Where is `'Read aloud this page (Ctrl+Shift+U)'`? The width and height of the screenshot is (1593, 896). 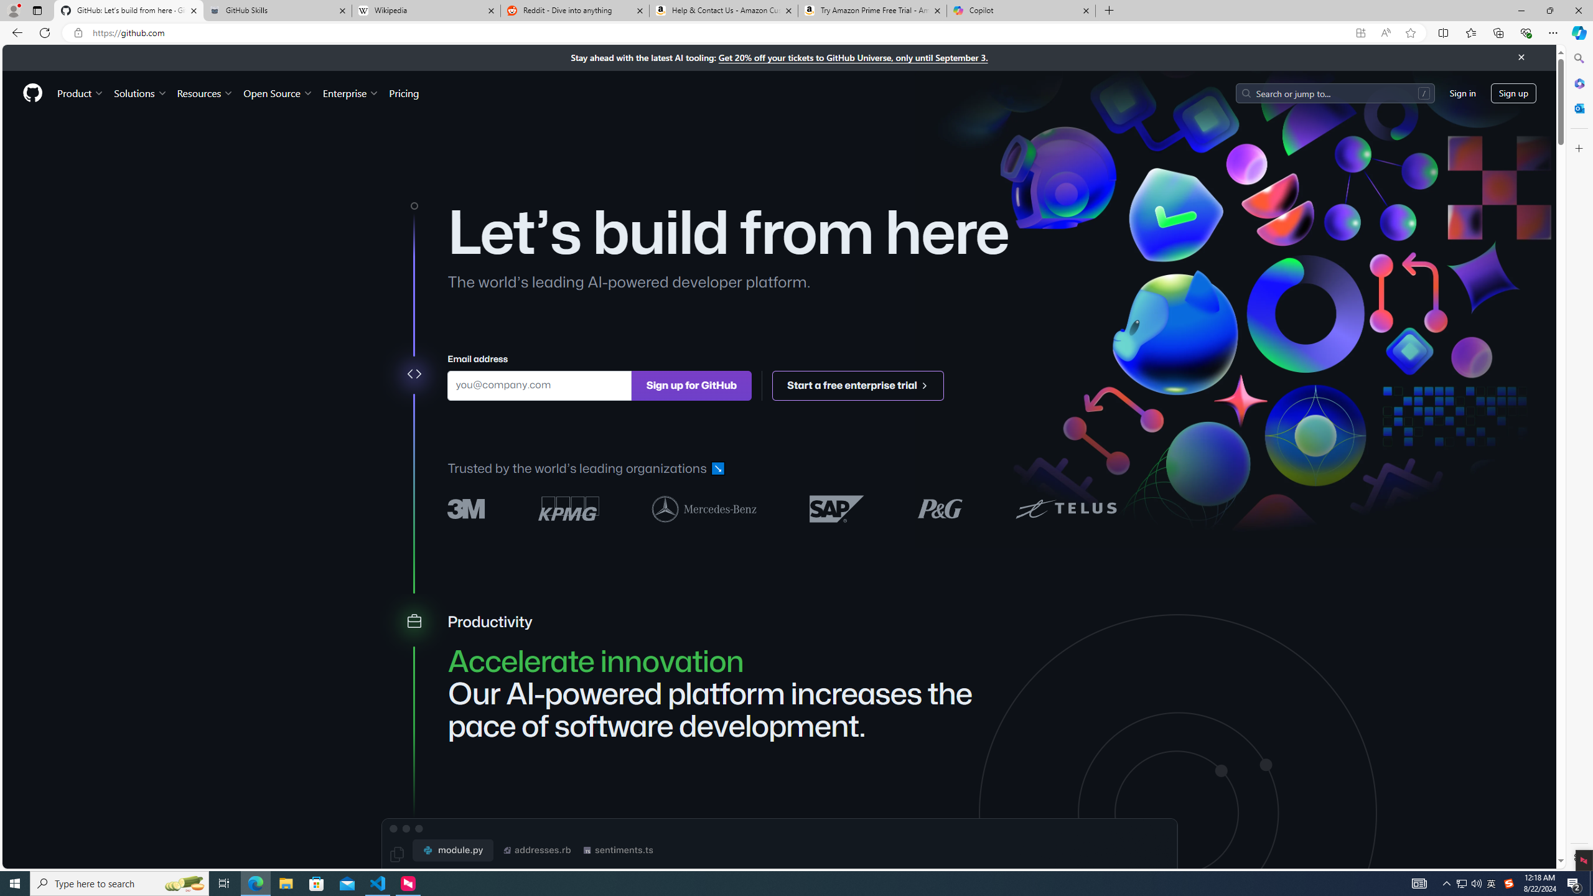
'Read aloud this page (Ctrl+Shift+U)' is located at coordinates (1385, 33).